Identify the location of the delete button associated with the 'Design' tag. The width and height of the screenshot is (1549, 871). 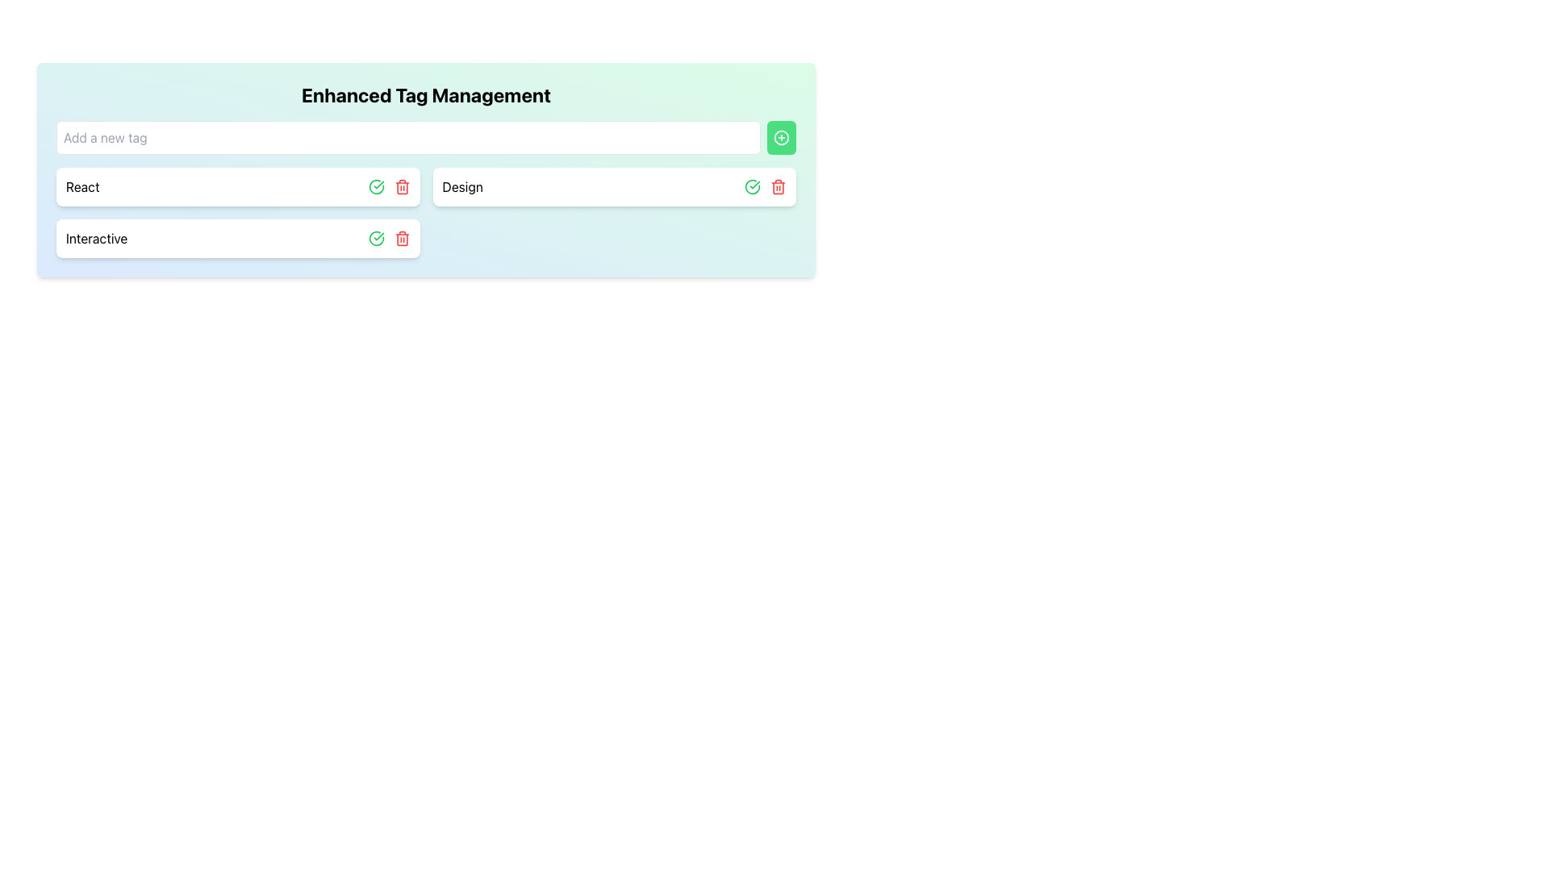
(778, 185).